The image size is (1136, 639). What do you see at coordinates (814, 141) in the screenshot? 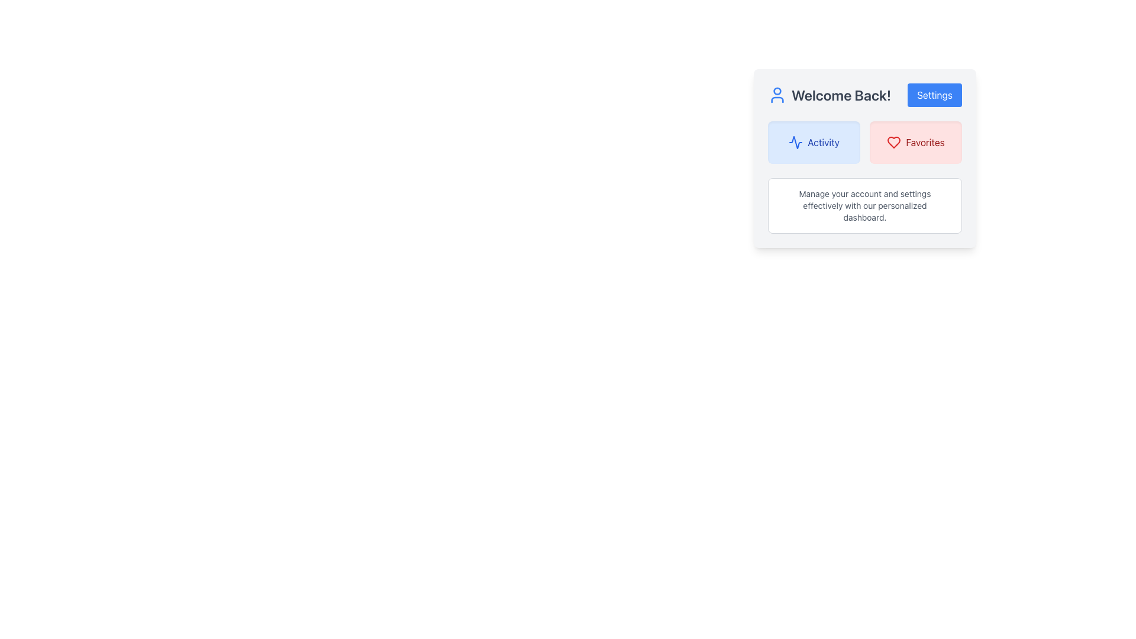
I see `the 'Activity' button, which is a rectangular button with a light blue background and a heartbeat icon, located in the top-left area of a card-like widget under the 'Welcome Back!' heading` at bounding box center [814, 141].